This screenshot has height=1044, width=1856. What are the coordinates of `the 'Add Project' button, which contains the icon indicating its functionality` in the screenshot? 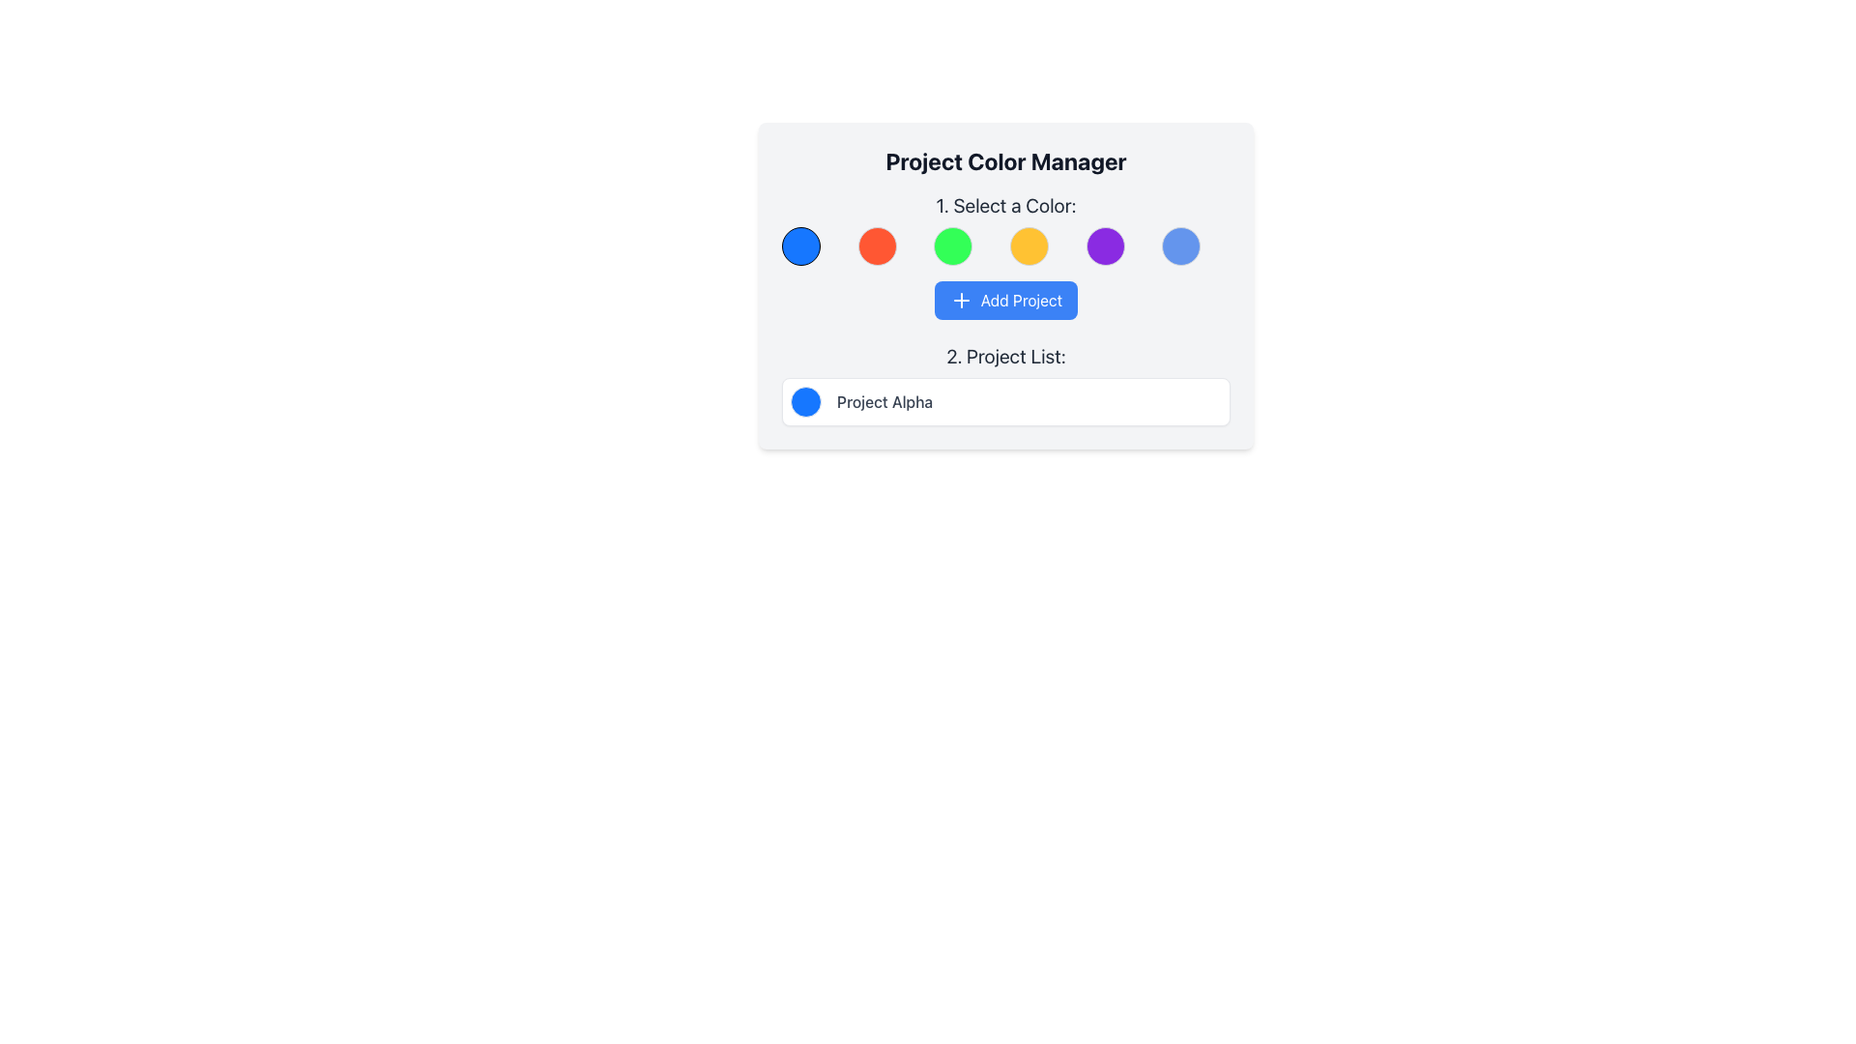 It's located at (961, 301).